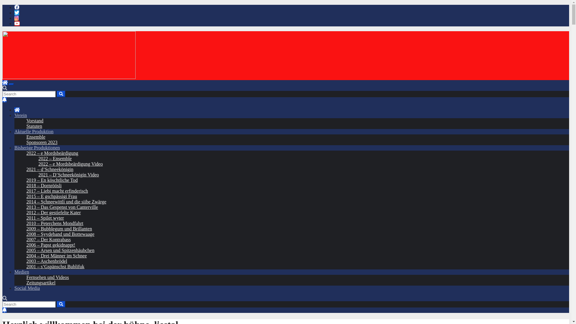 The image size is (576, 324). What do you see at coordinates (34, 121) in the screenshot?
I see `'Vorstand'` at bounding box center [34, 121].